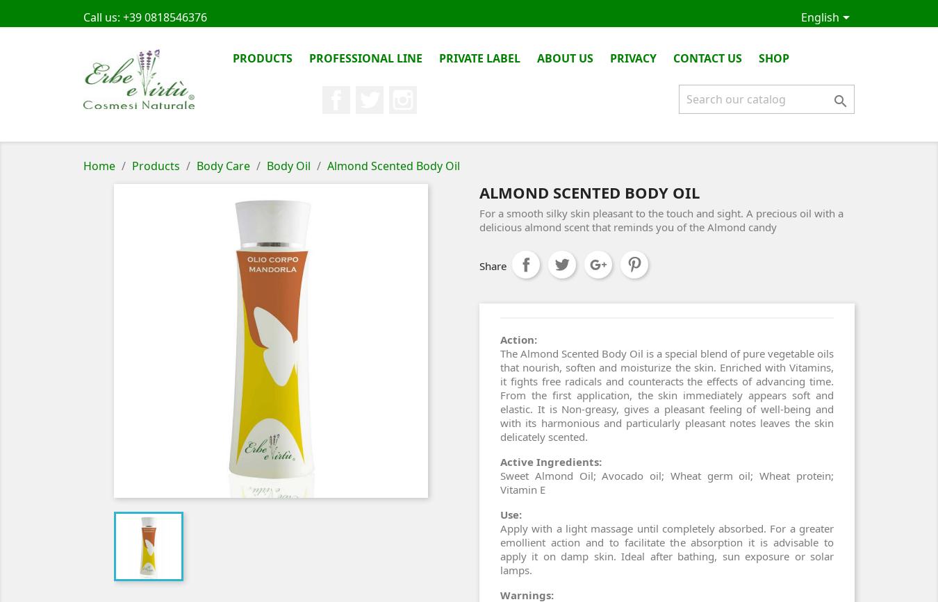 The width and height of the screenshot is (938, 602). I want to click on 'For a smooth silky skin pleasant to the touch and sight. A precious oil with a delicious almond scent that reminds you of the Almond candy', so click(661, 219).